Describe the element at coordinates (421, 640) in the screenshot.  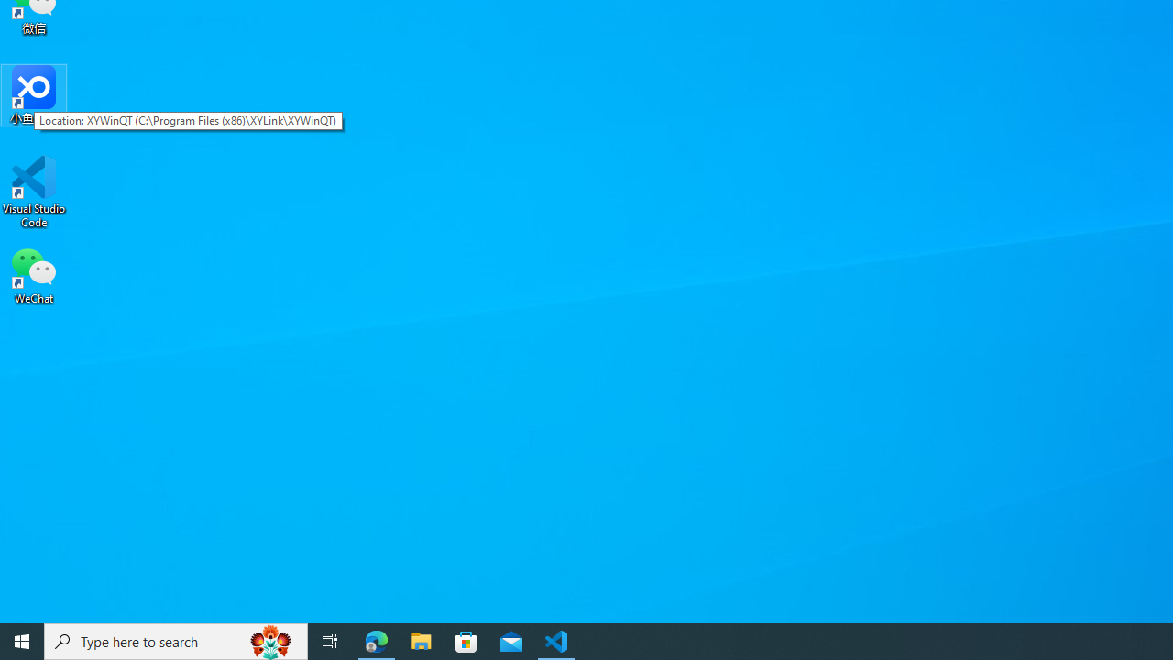
I see `'File Explorer'` at that location.